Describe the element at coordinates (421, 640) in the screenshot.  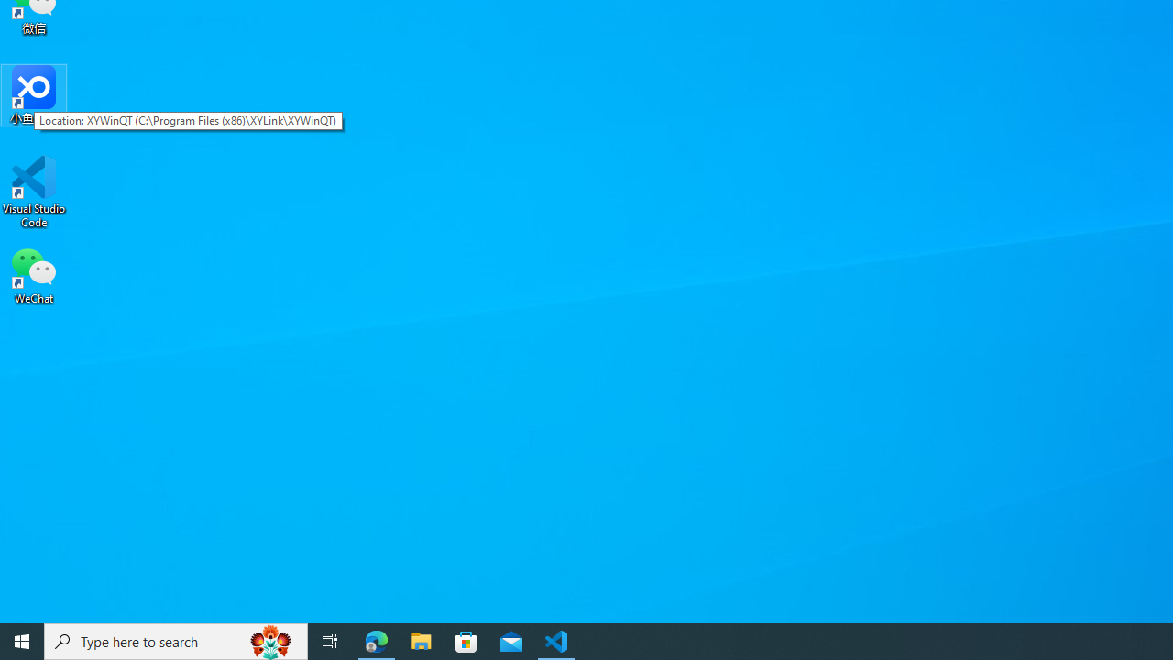
I see `'File Explorer'` at that location.